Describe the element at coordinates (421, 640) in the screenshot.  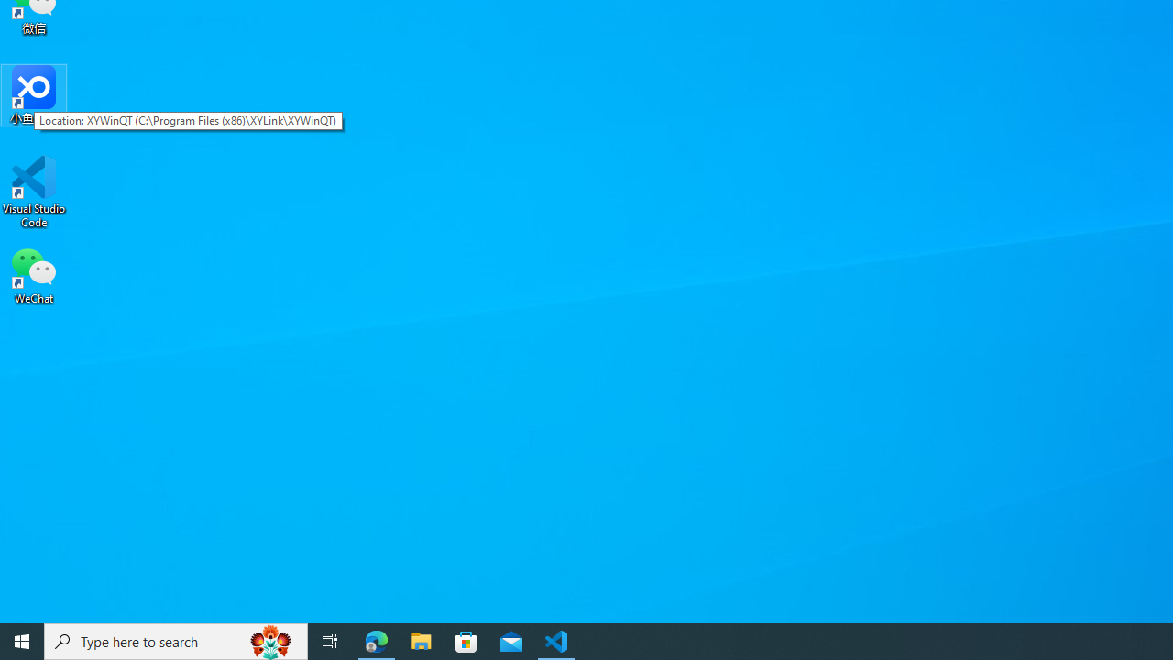
I see `'File Explorer'` at that location.